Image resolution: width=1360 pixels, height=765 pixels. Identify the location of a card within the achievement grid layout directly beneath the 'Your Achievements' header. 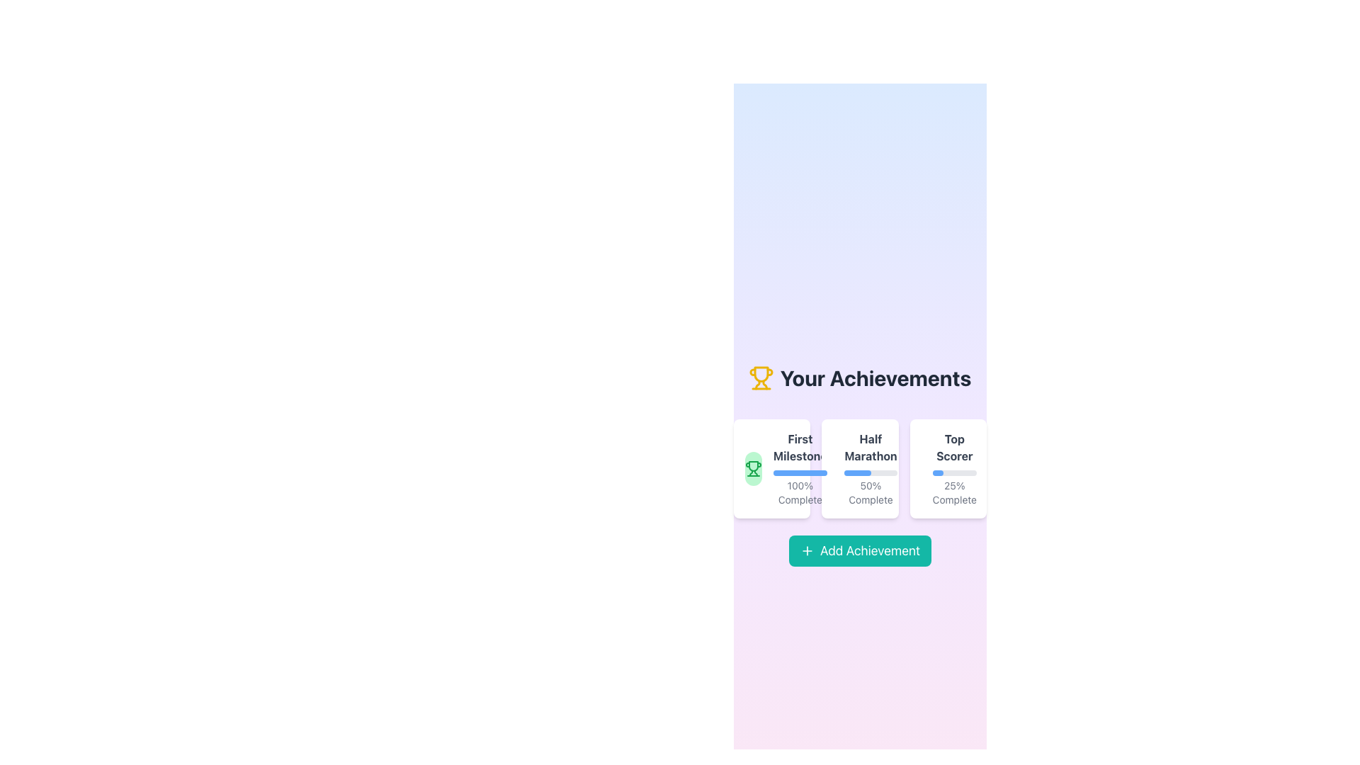
(859, 469).